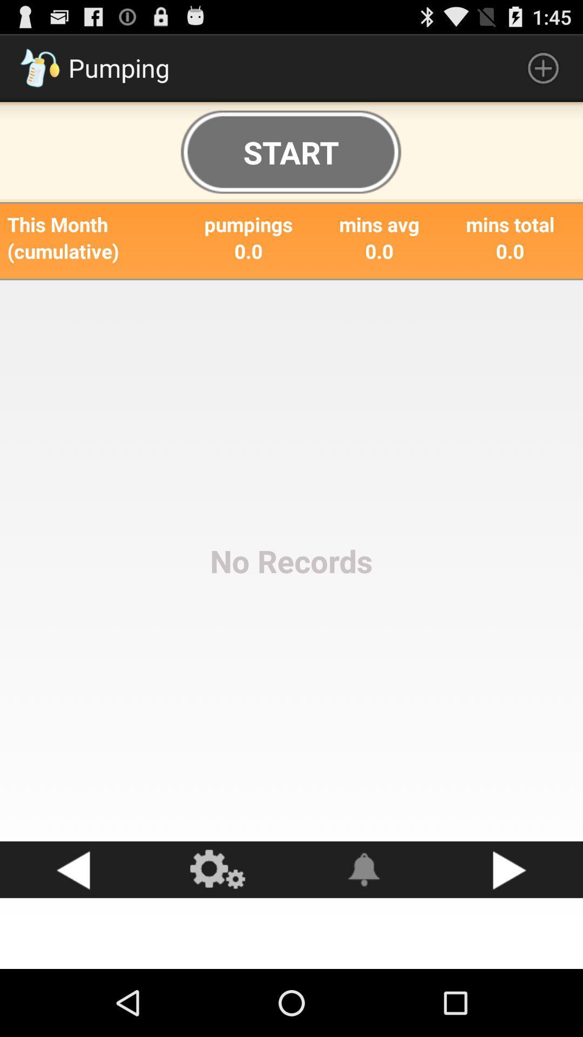 Image resolution: width=583 pixels, height=1037 pixels. Describe the element at coordinates (219, 870) in the screenshot. I see `the app below the no records icon` at that location.